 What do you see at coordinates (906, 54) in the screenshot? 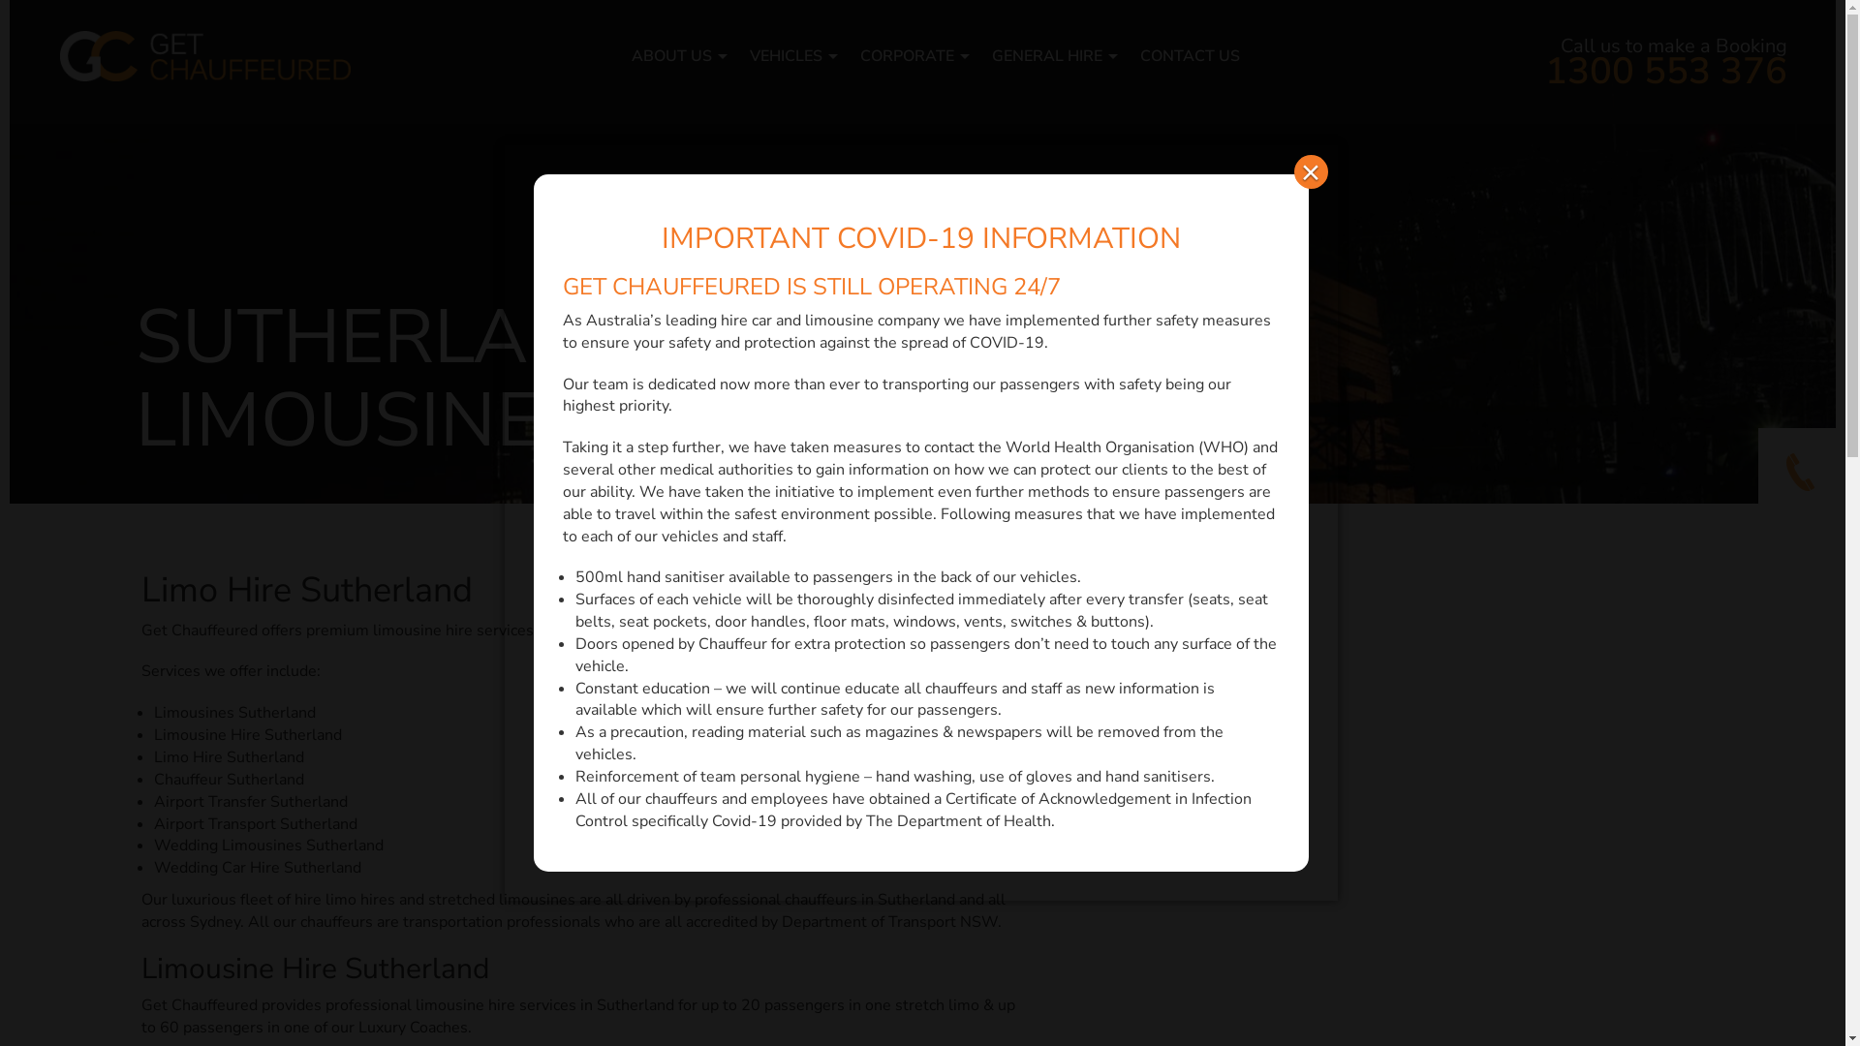
I see `'CORPORATE'` at bounding box center [906, 54].